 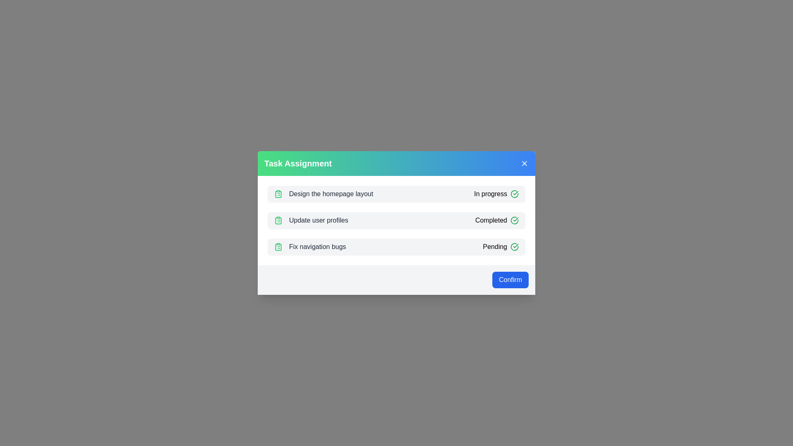 What do you see at coordinates (510, 280) in the screenshot?
I see `the confirm button located in the bottom-right corner of the 'Task Assignment' modal` at bounding box center [510, 280].